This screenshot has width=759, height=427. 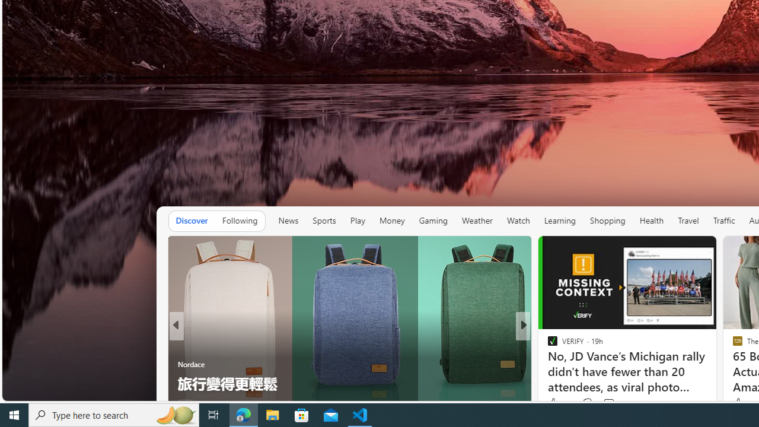 What do you see at coordinates (357, 221) in the screenshot?
I see `'Play'` at bounding box center [357, 221].